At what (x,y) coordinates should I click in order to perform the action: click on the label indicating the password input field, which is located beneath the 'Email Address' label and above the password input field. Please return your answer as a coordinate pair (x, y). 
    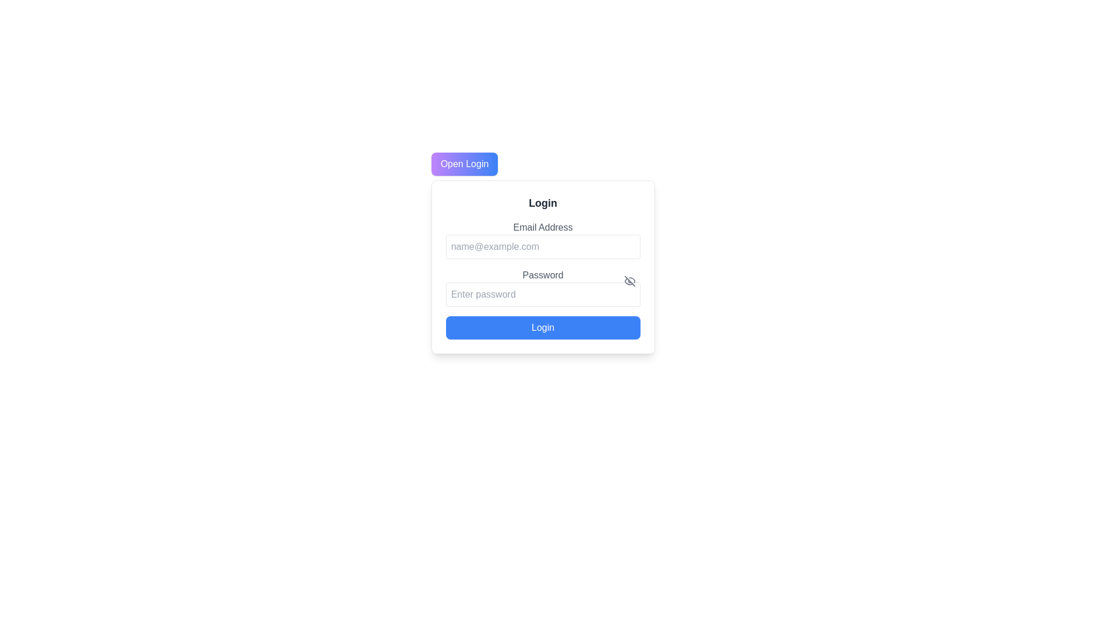
    Looking at the image, I should click on (542, 275).